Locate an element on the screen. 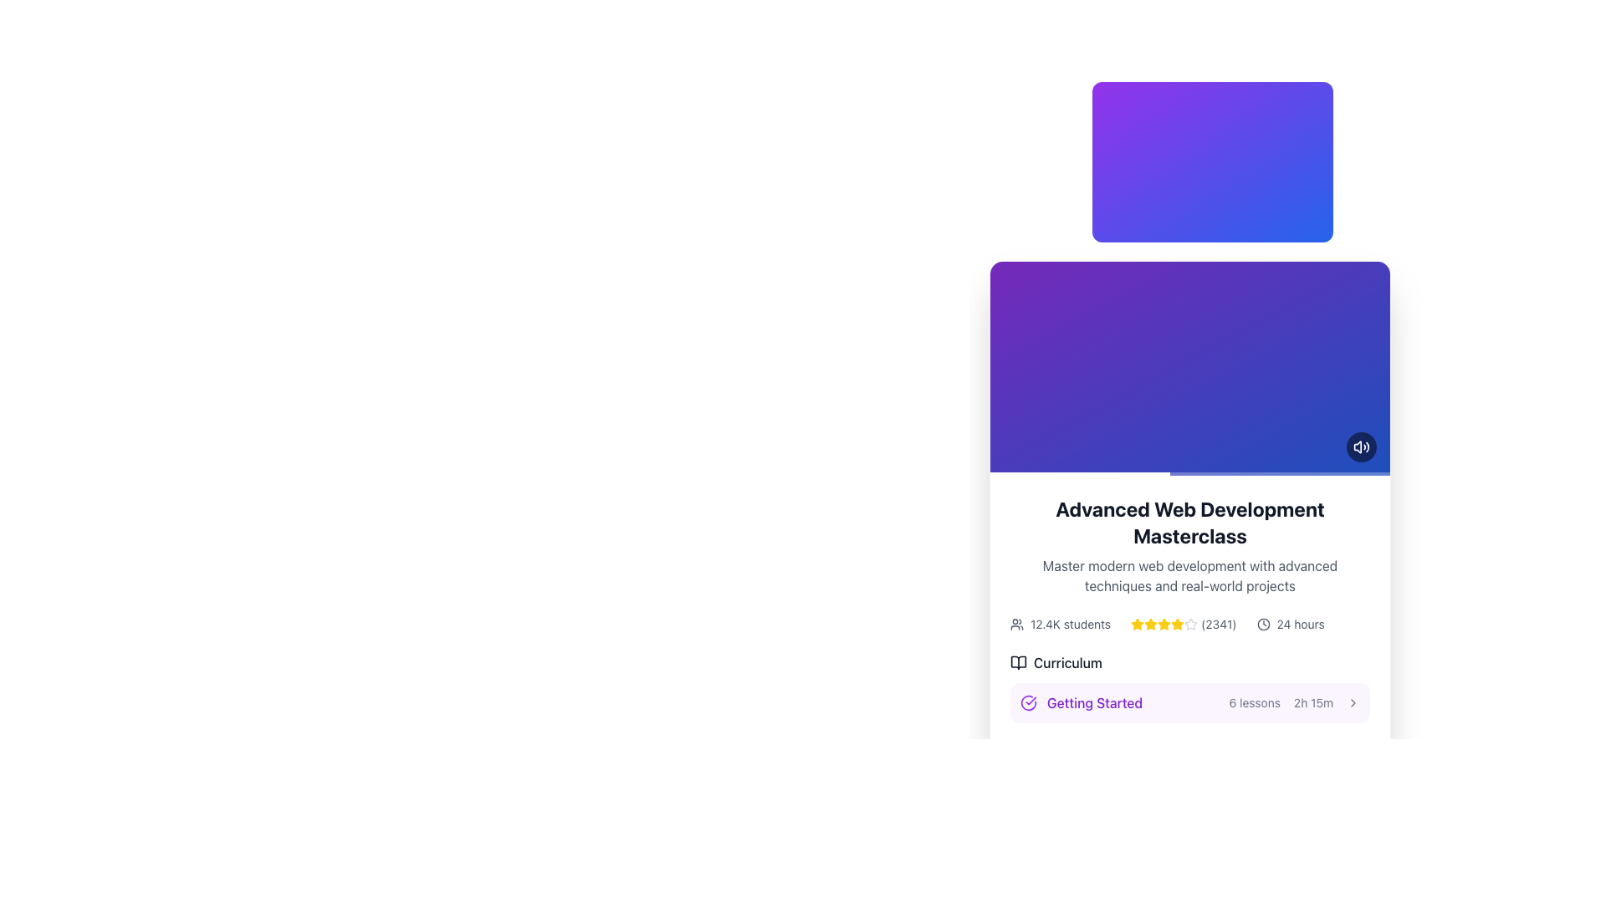  the fourth star icon is located at coordinates (1164, 624).